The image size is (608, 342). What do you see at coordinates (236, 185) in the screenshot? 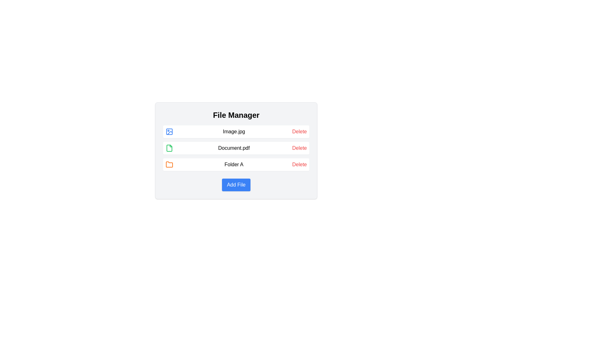
I see `the 'Add File' button, which is a rectangular button with a blue background and white text, located at the bottom of the 'File Manager' modal` at bounding box center [236, 185].